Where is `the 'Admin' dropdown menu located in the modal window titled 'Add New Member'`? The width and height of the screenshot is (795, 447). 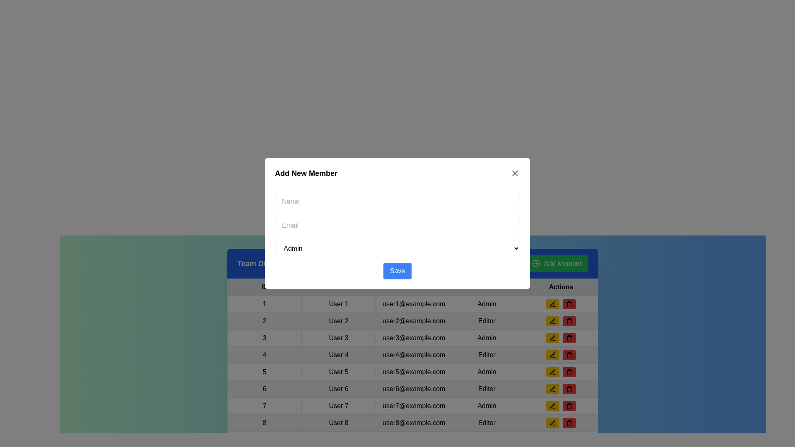 the 'Admin' dropdown menu located in the modal window titled 'Add New Member' is located at coordinates (397, 248).